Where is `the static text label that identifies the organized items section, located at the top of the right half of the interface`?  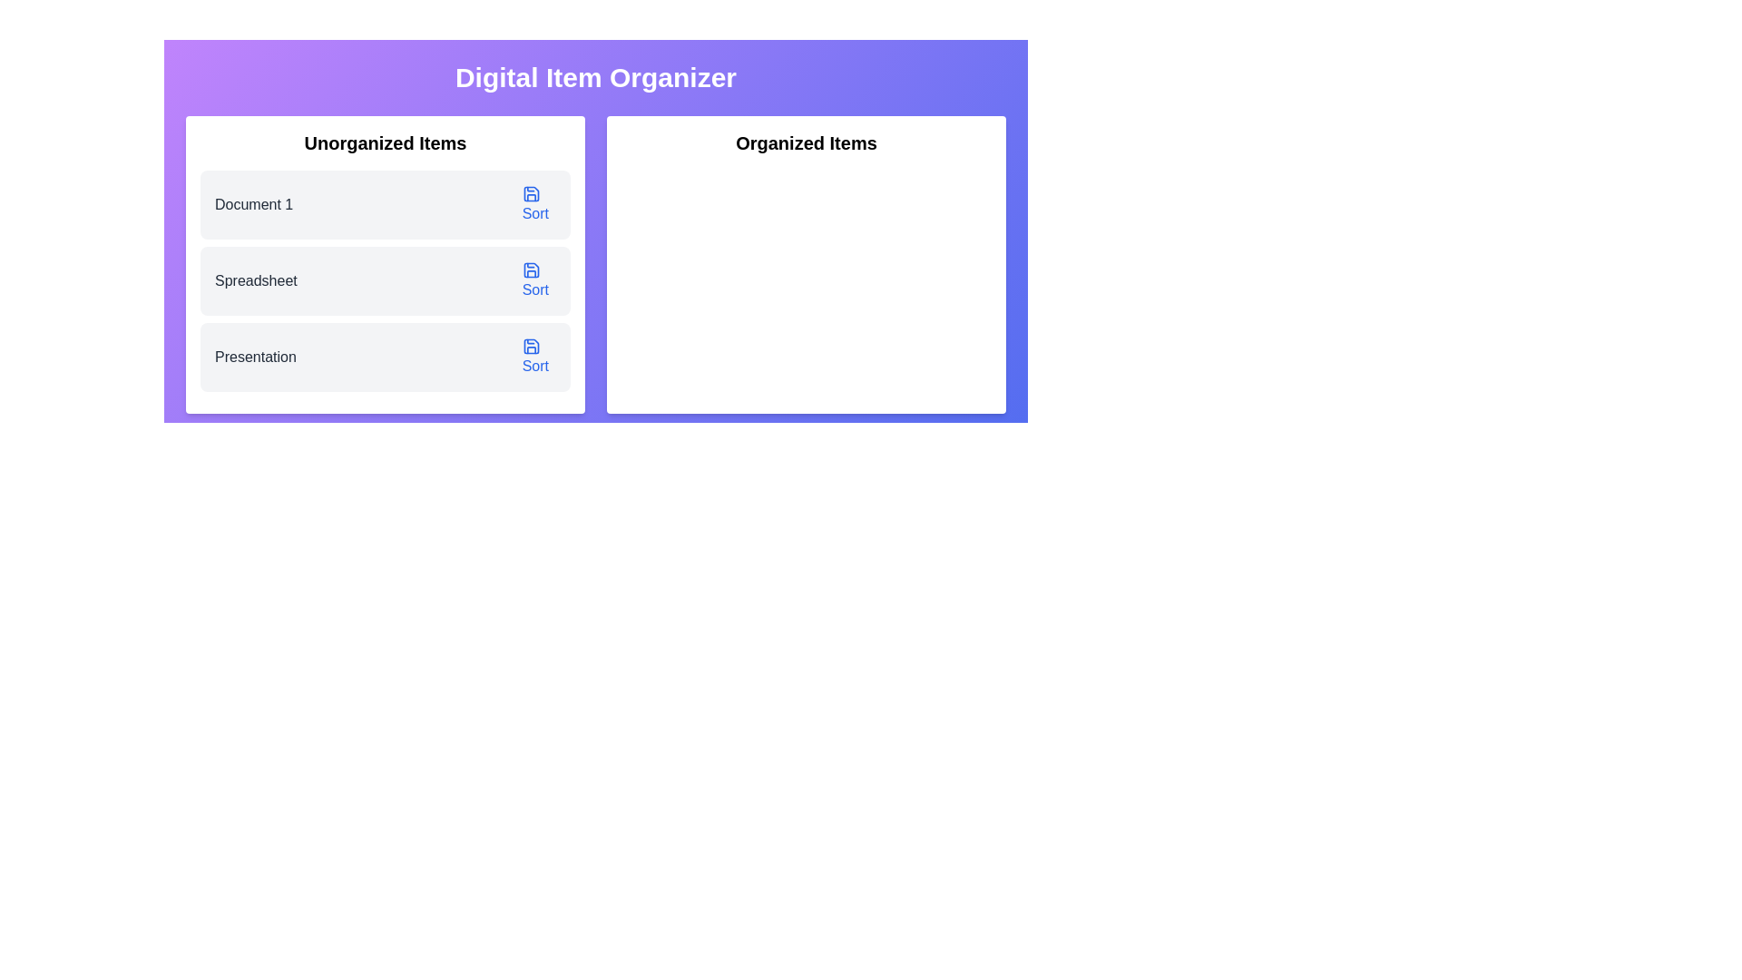 the static text label that identifies the organized items section, located at the top of the right half of the interface is located at coordinates (805, 142).